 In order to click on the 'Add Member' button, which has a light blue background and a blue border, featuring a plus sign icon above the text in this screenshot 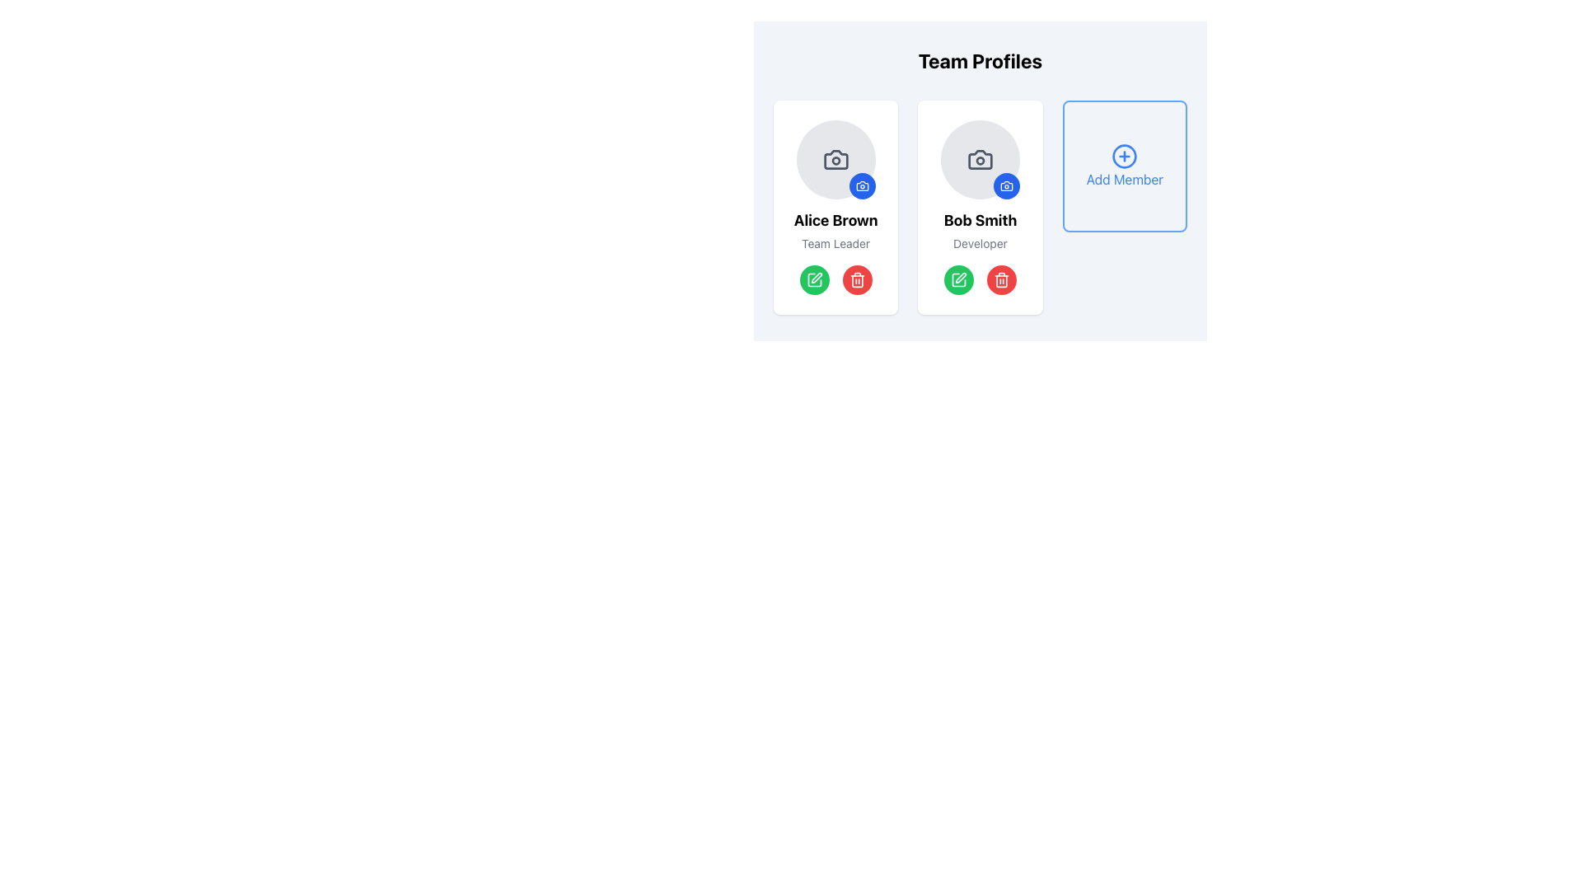, I will do `click(1124, 166)`.